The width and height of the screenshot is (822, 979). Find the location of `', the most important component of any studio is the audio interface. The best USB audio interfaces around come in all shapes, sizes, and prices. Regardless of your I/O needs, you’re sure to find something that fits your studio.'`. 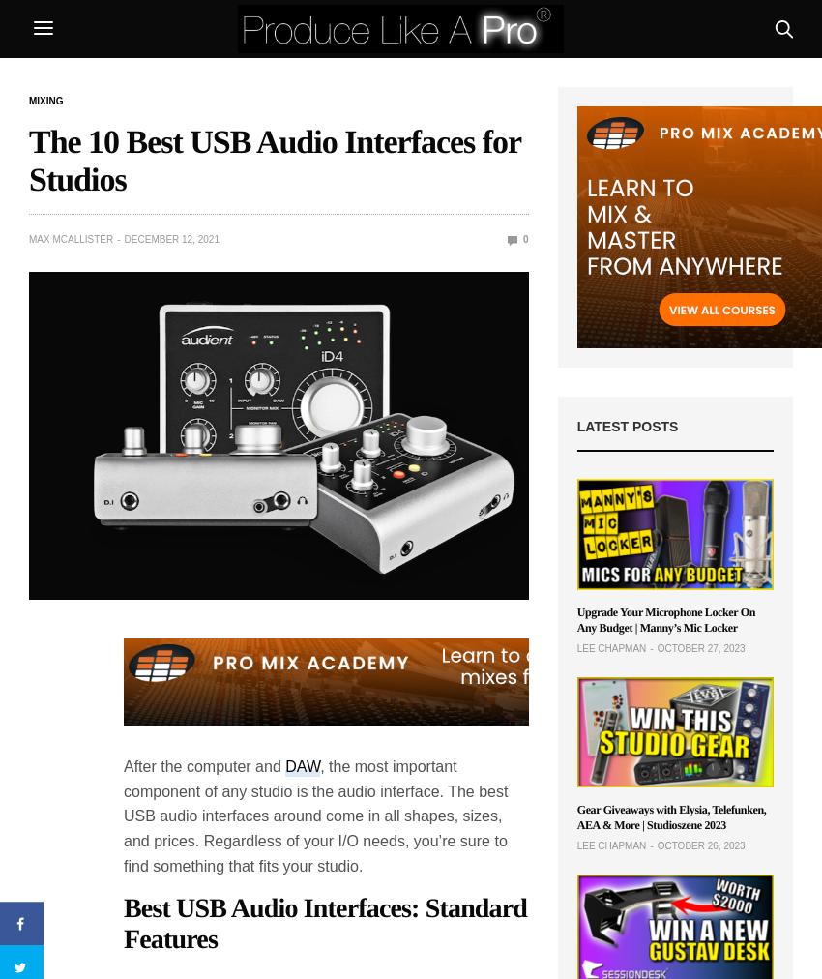

', the most important component of any studio is the audio interface. The best USB audio interfaces around come in all shapes, sizes, and prices. Regardless of your I/O needs, you’re sure to find something that fits your studio.' is located at coordinates (315, 815).